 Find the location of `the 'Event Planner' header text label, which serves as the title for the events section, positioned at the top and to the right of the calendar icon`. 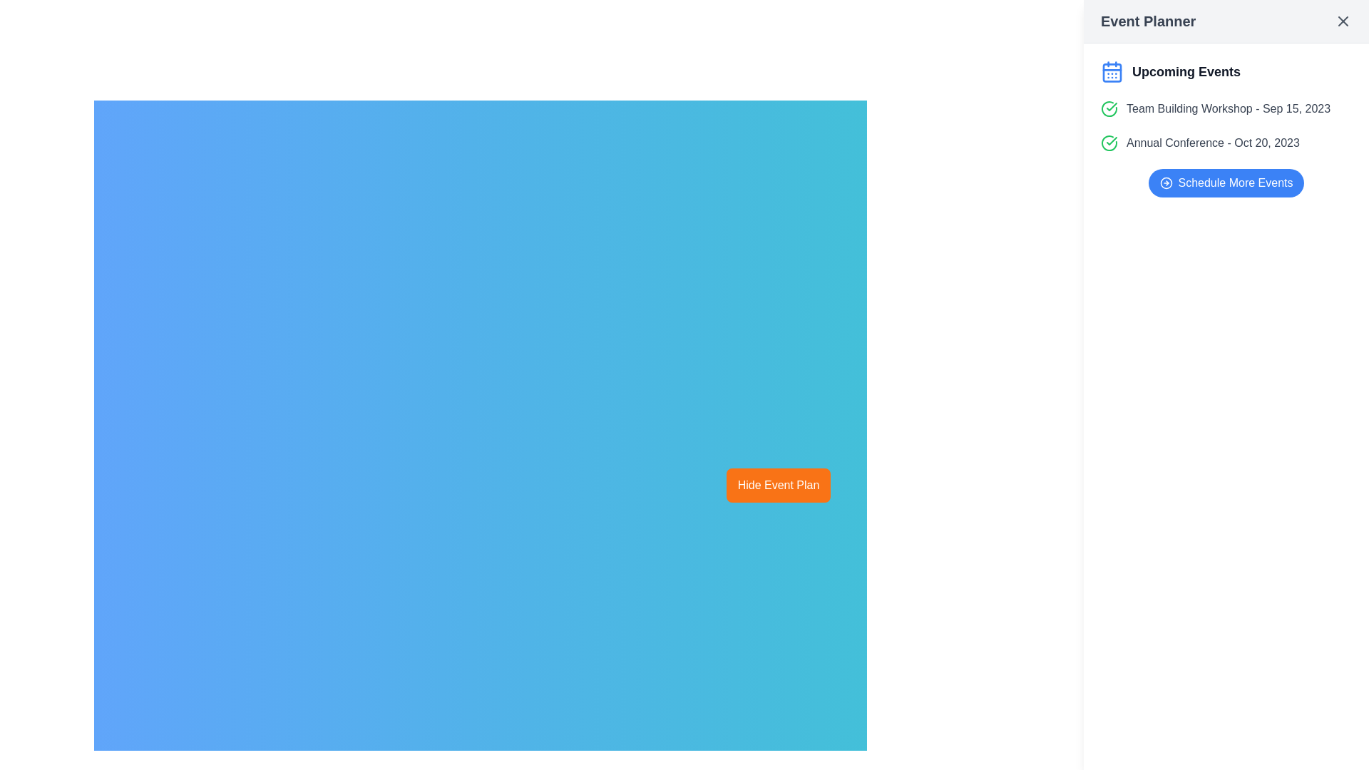

the 'Event Planner' header text label, which serves as the title for the events section, positioned at the top and to the right of the calendar icon is located at coordinates (1225, 71).